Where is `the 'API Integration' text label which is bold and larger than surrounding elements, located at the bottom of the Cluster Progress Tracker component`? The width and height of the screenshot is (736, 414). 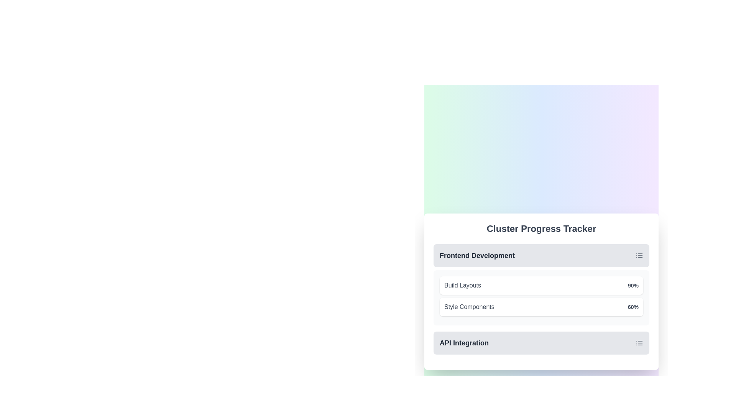
the 'API Integration' text label which is bold and larger than surrounding elements, located at the bottom of the Cluster Progress Tracker component is located at coordinates (463, 342).